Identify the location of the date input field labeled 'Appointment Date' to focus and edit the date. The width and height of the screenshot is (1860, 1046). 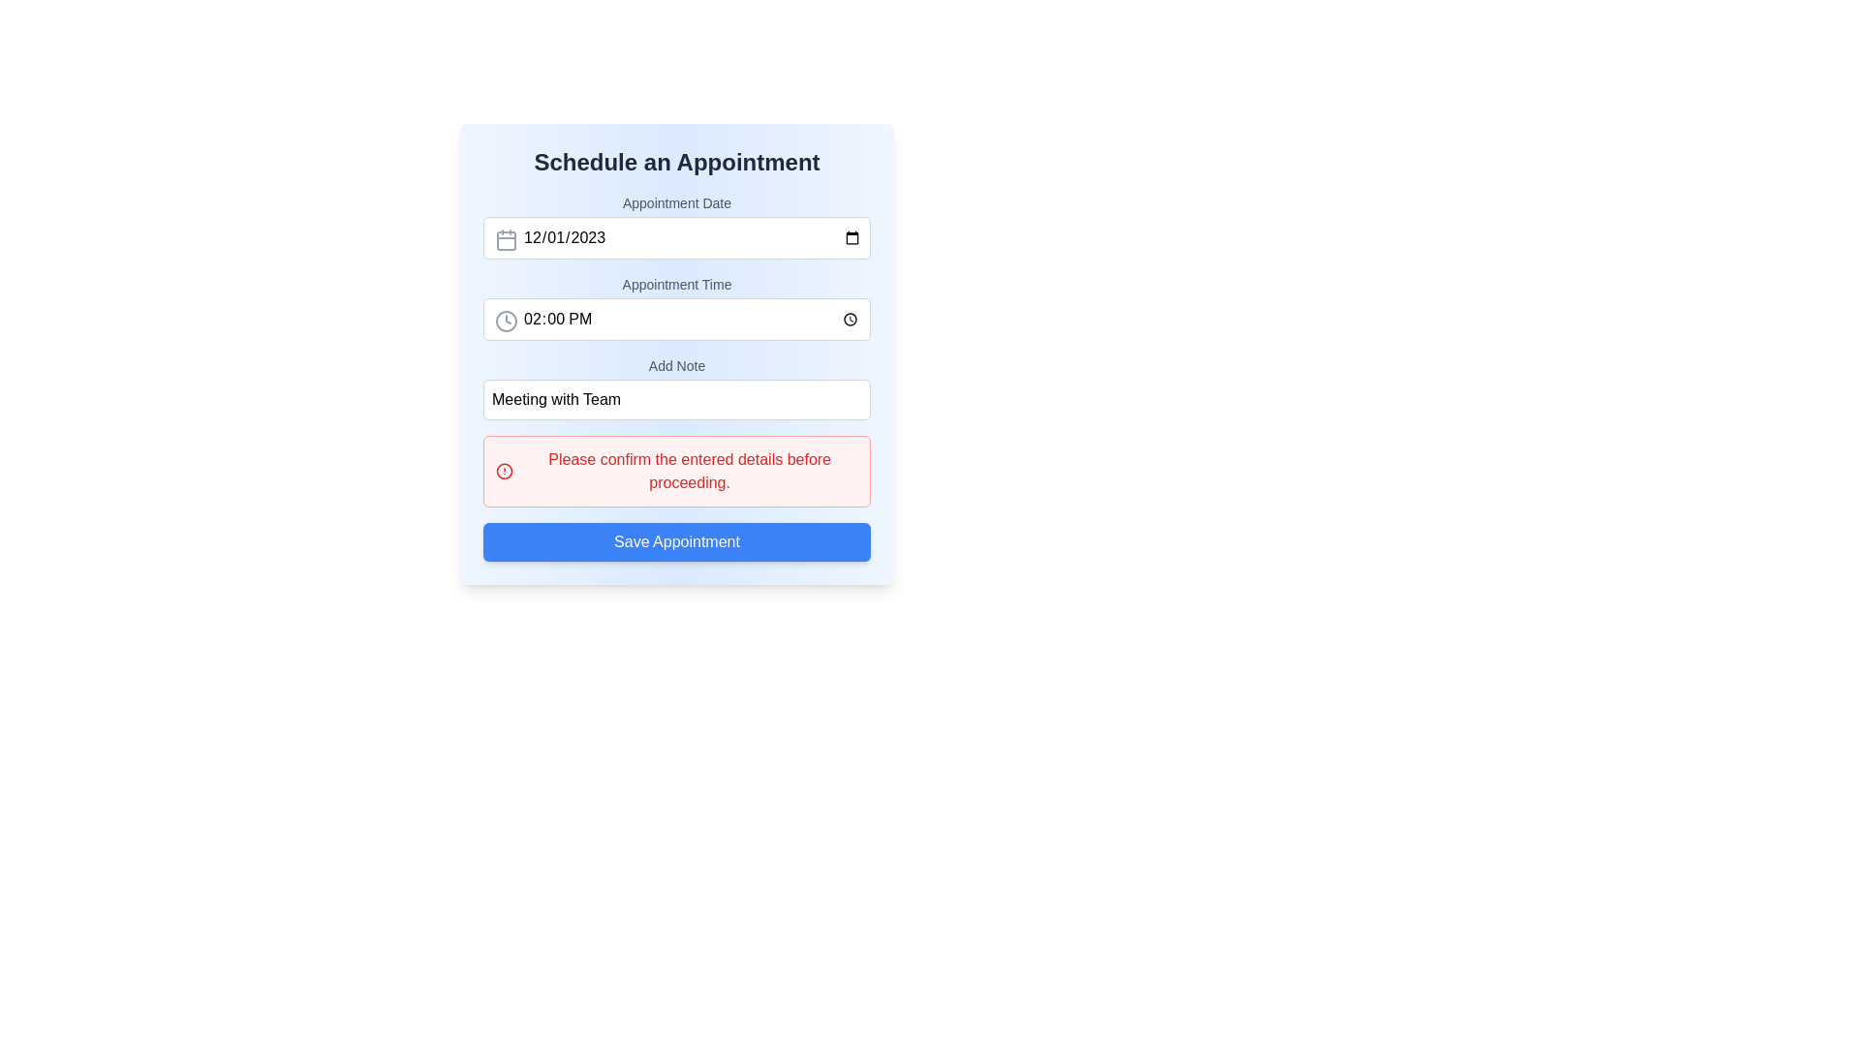
(677, 226).